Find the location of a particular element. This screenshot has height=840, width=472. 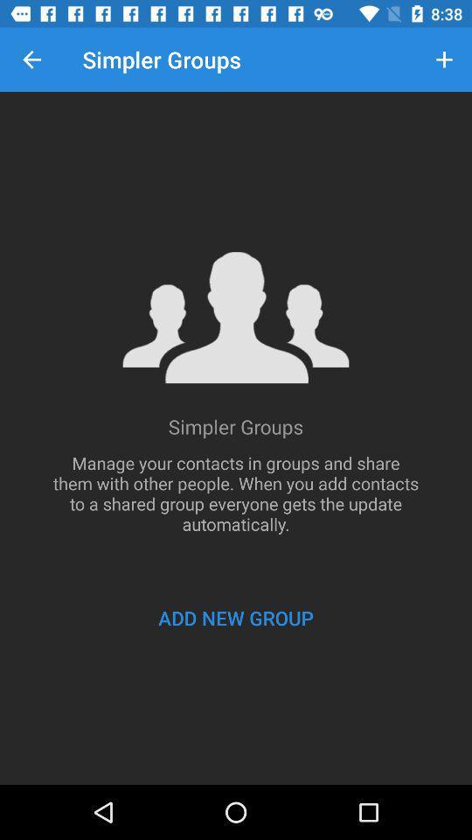

item at the top left corner is located at coordinates (31, 59).